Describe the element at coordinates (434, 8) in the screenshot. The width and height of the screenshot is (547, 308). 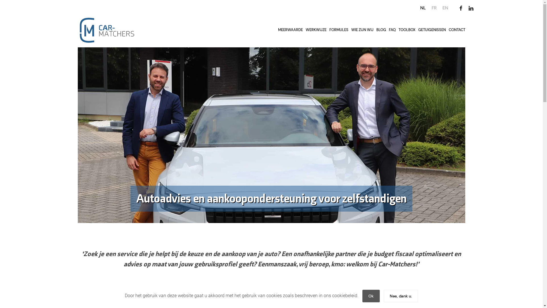
I see `'FR'` at that location.